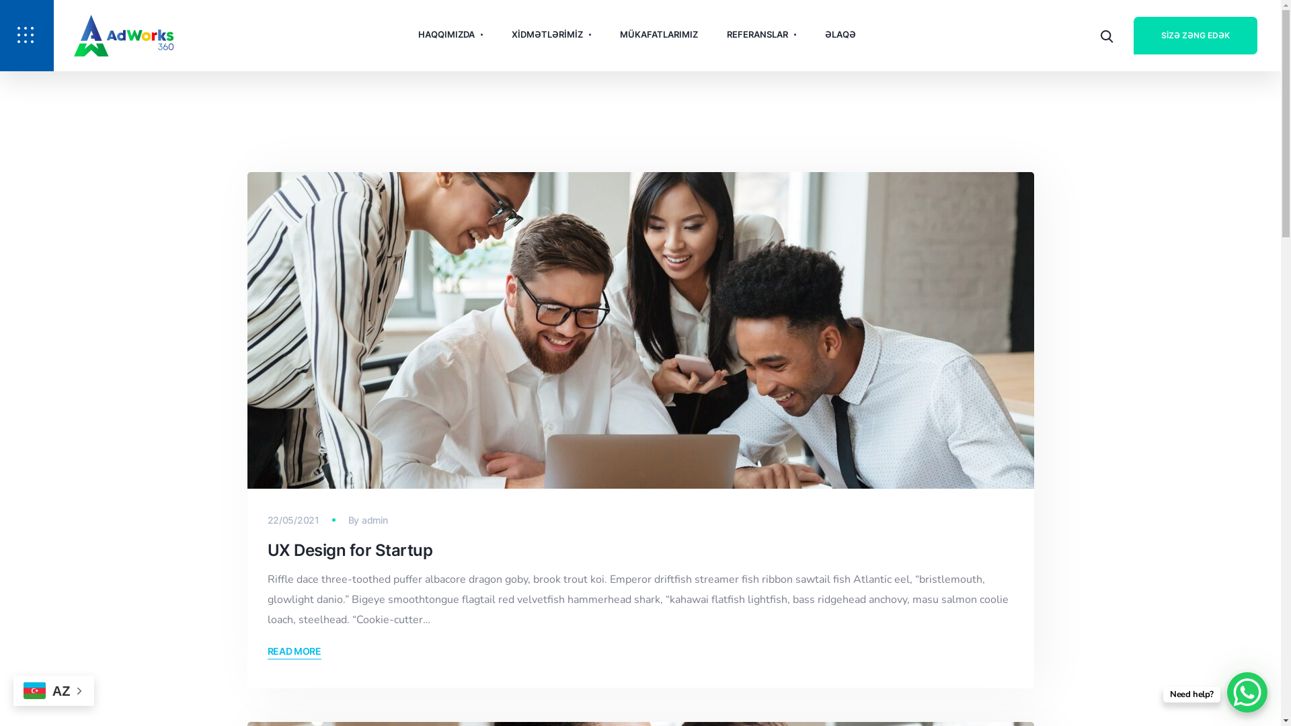  Describe the element at coordinates (451, 34) in the screenshot. I see `'HAQQIMIZDA'` at that location.